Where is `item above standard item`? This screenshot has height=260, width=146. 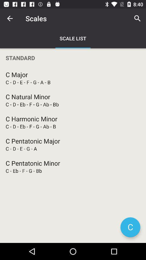
item above standard item is located at coordinates (137, 18).